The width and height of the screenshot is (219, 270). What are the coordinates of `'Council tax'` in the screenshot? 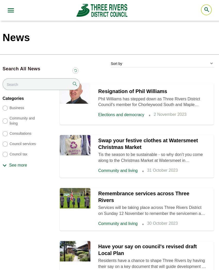 It's located at (18, 154).